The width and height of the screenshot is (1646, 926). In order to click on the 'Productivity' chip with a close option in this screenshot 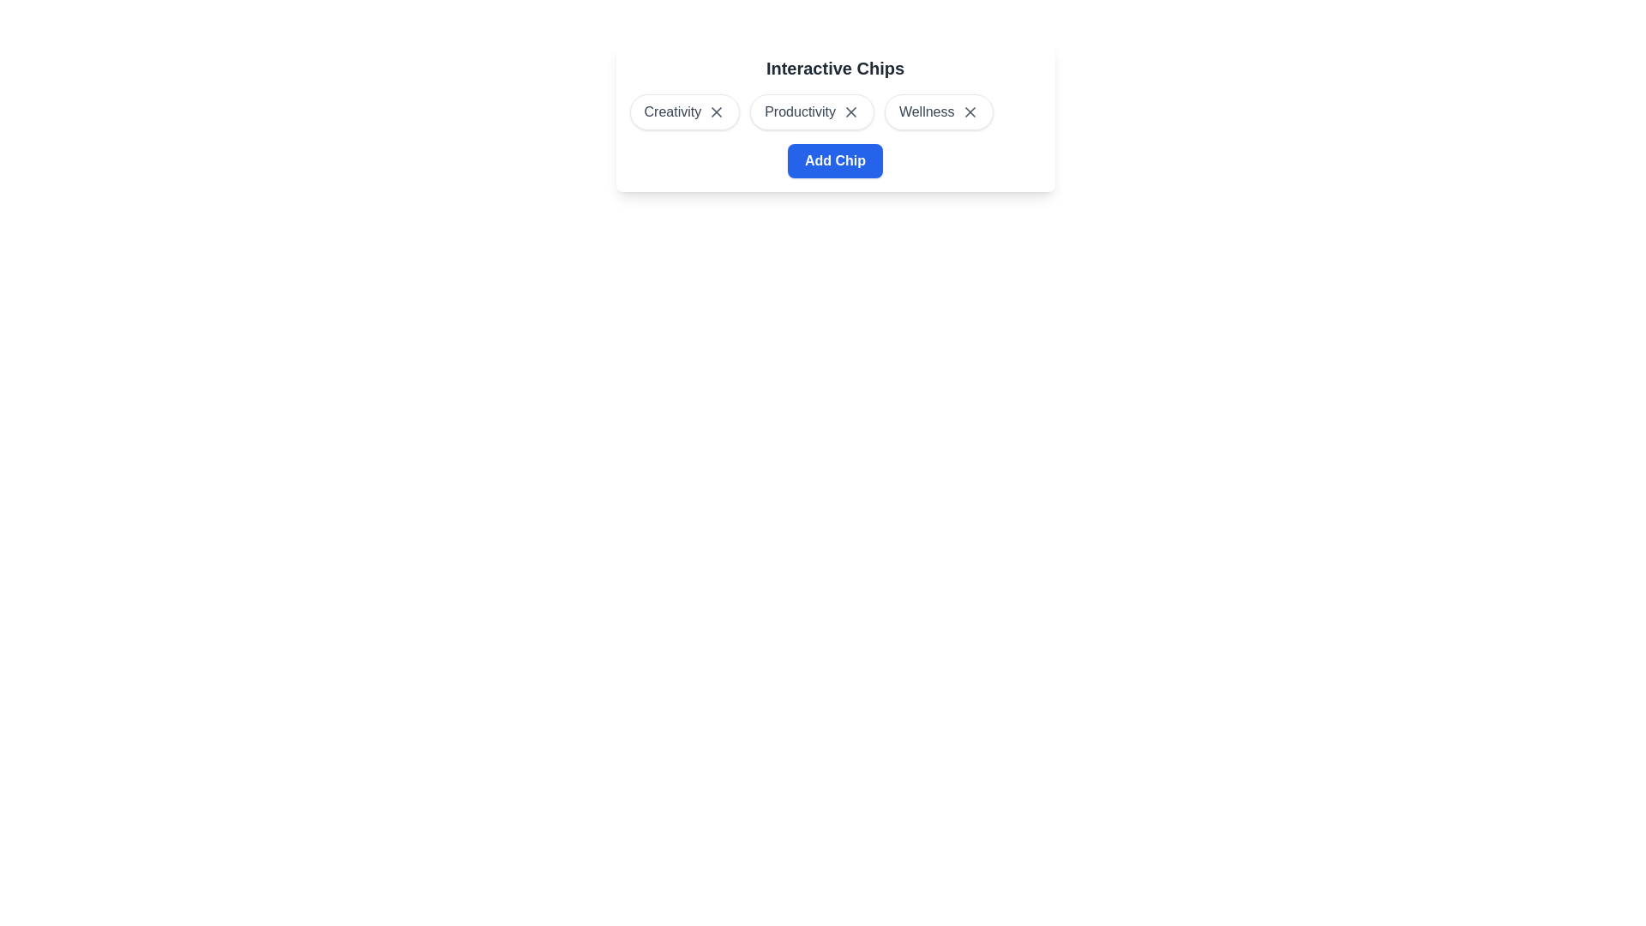, I will do `click(835, 117)`.